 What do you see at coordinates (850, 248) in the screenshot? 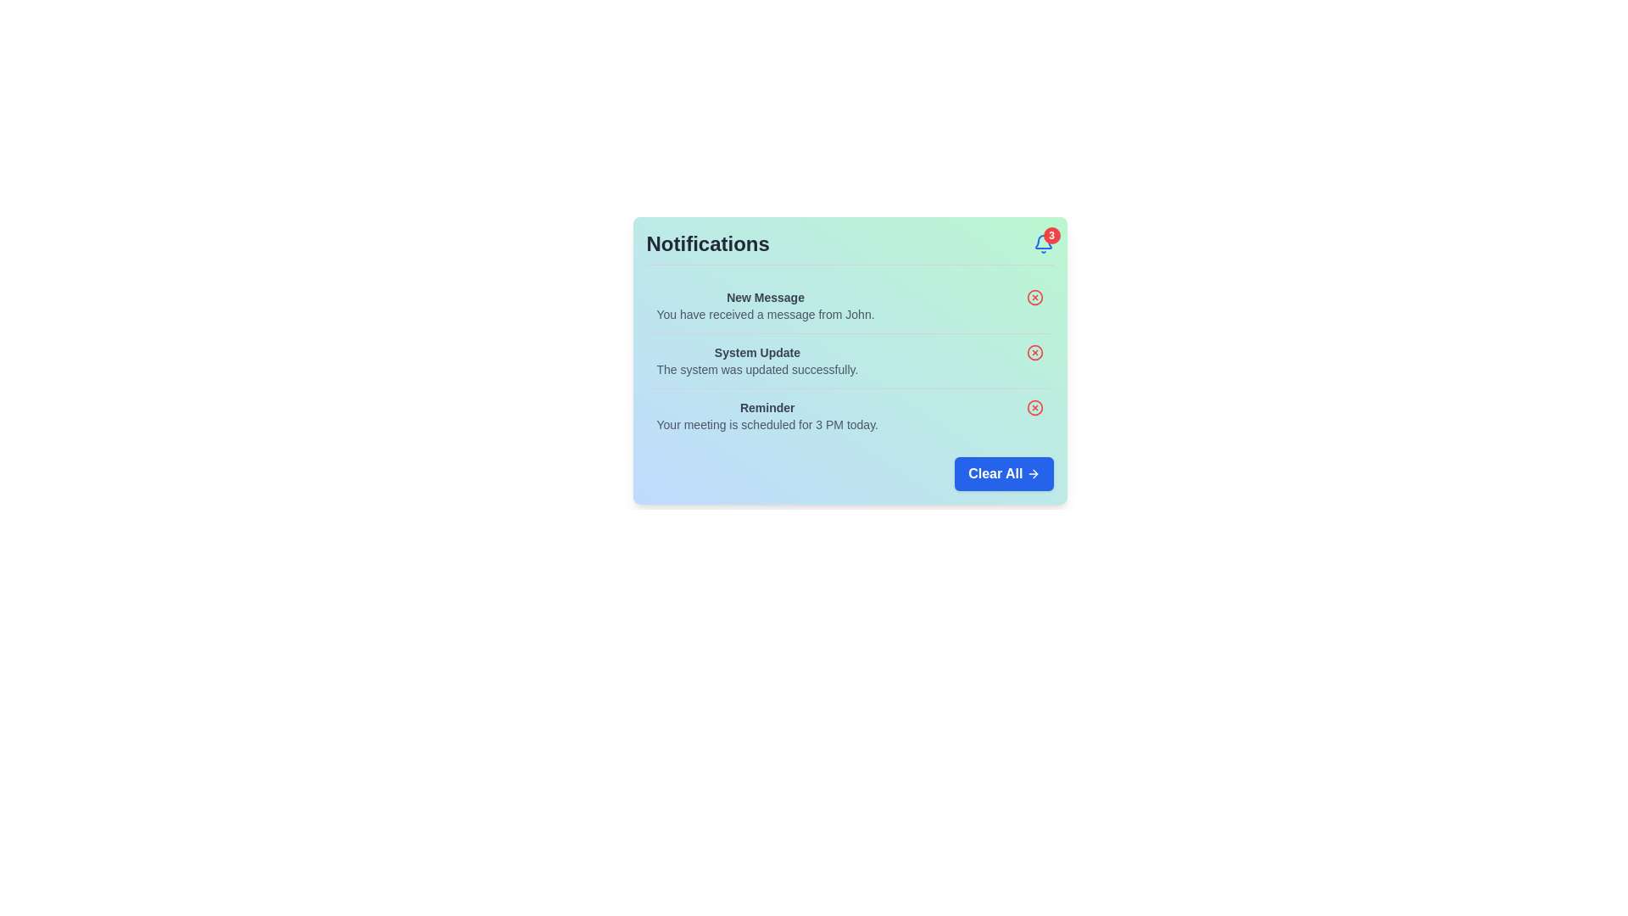
I see `badge displaying the notification count on the title bar of the notification panel, which is located at the top section of the card` at bounding box center [850, 248].